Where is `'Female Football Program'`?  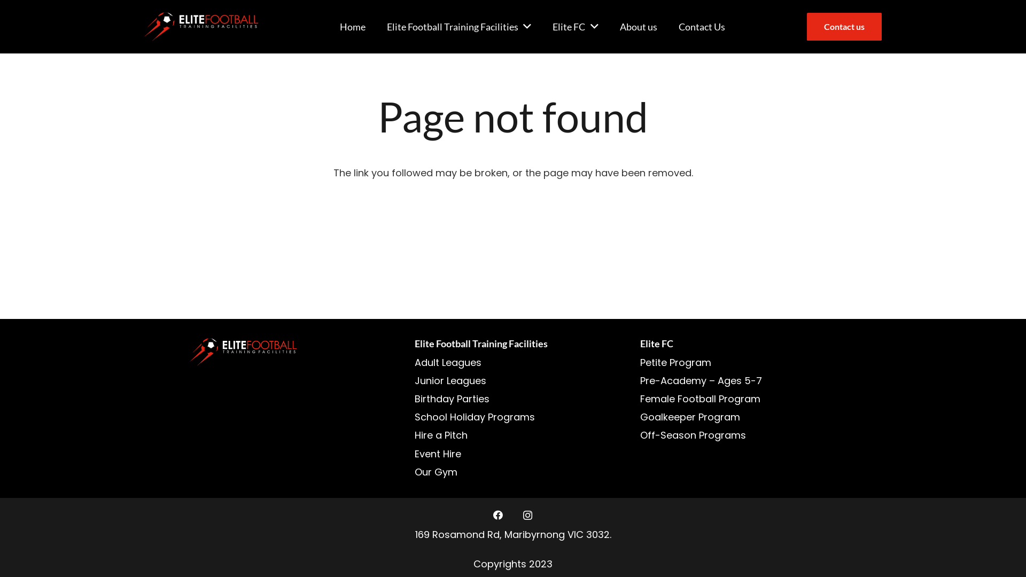 'Female Football Program' is located at coordinates (700, 399).